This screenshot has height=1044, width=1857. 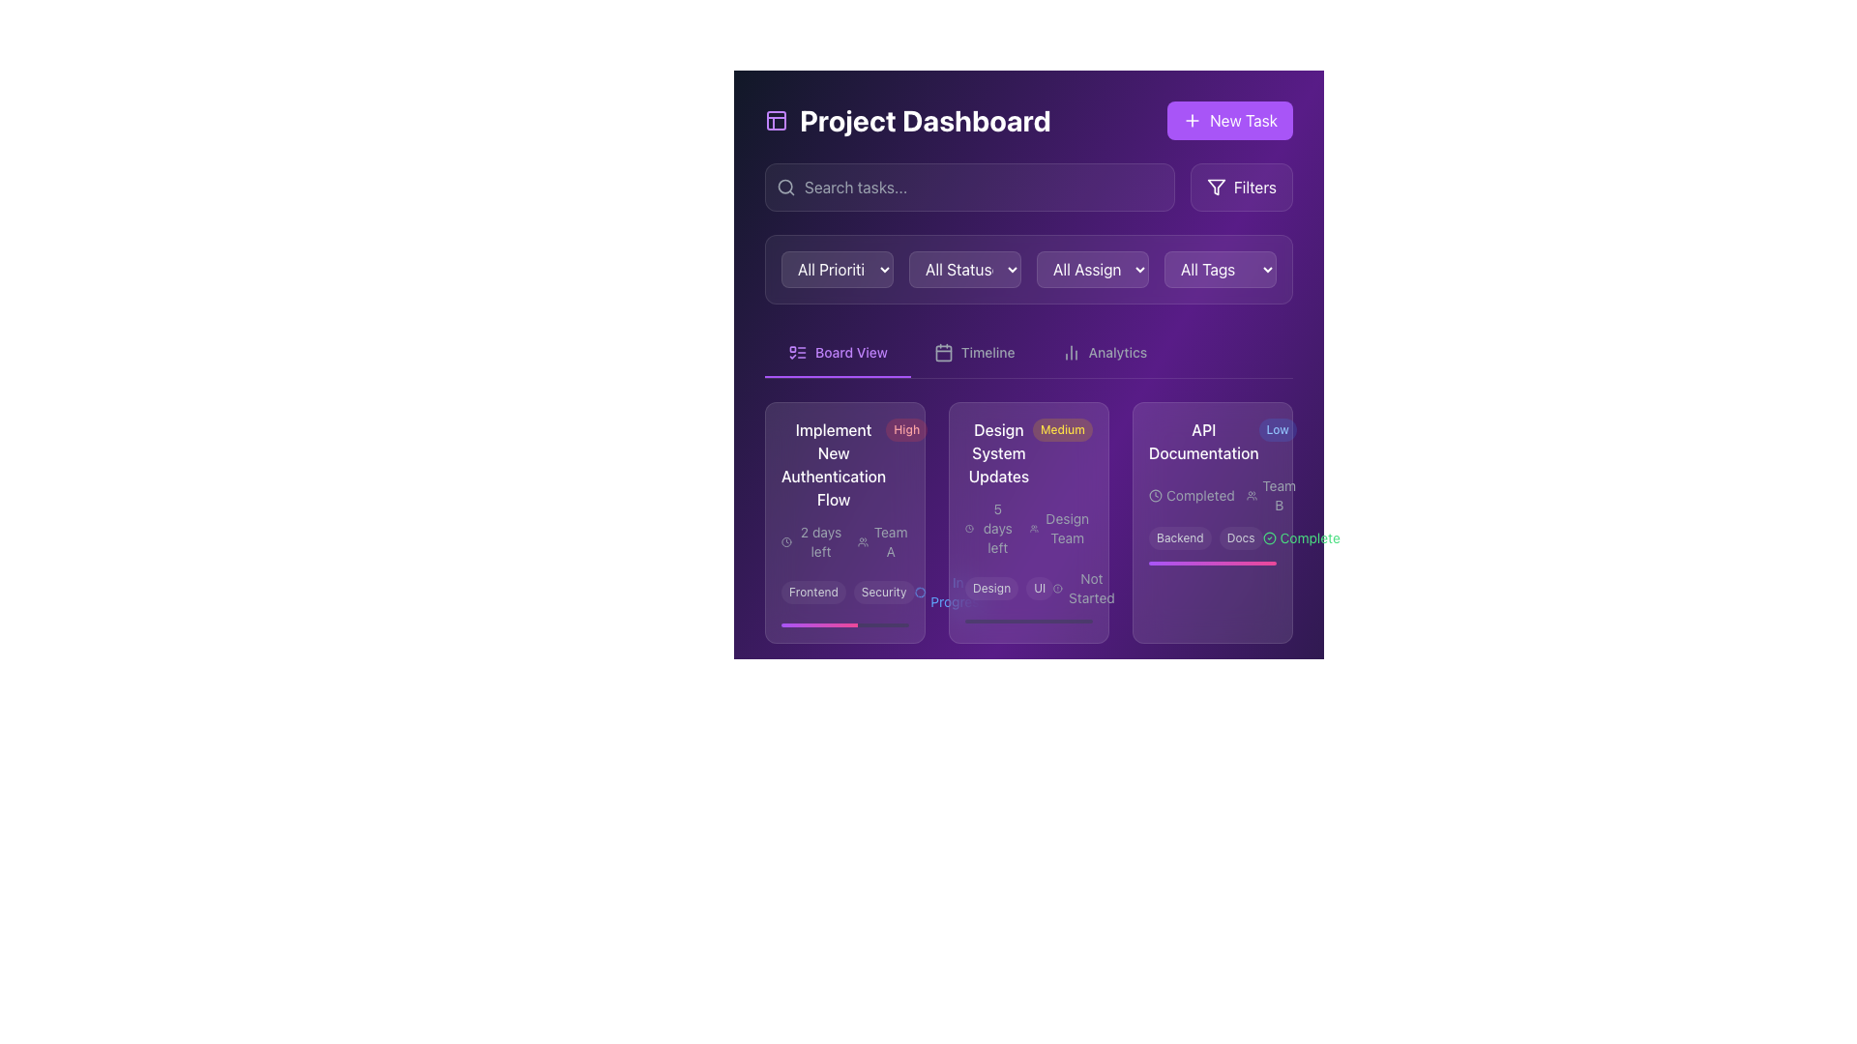 What do you see at coordinates (1252, 495) in the screenshot?
I see `the team icon located to the left of the text 'Team B' within the 'API Documentation' card on the main dashboard` at bounding box center [1252, 495].